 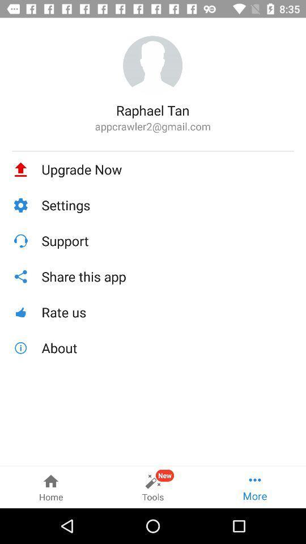 What do you see at coordinates (167, 241) in the screenshot?
I see `icon above share this app` at bounding box center [167, 241].